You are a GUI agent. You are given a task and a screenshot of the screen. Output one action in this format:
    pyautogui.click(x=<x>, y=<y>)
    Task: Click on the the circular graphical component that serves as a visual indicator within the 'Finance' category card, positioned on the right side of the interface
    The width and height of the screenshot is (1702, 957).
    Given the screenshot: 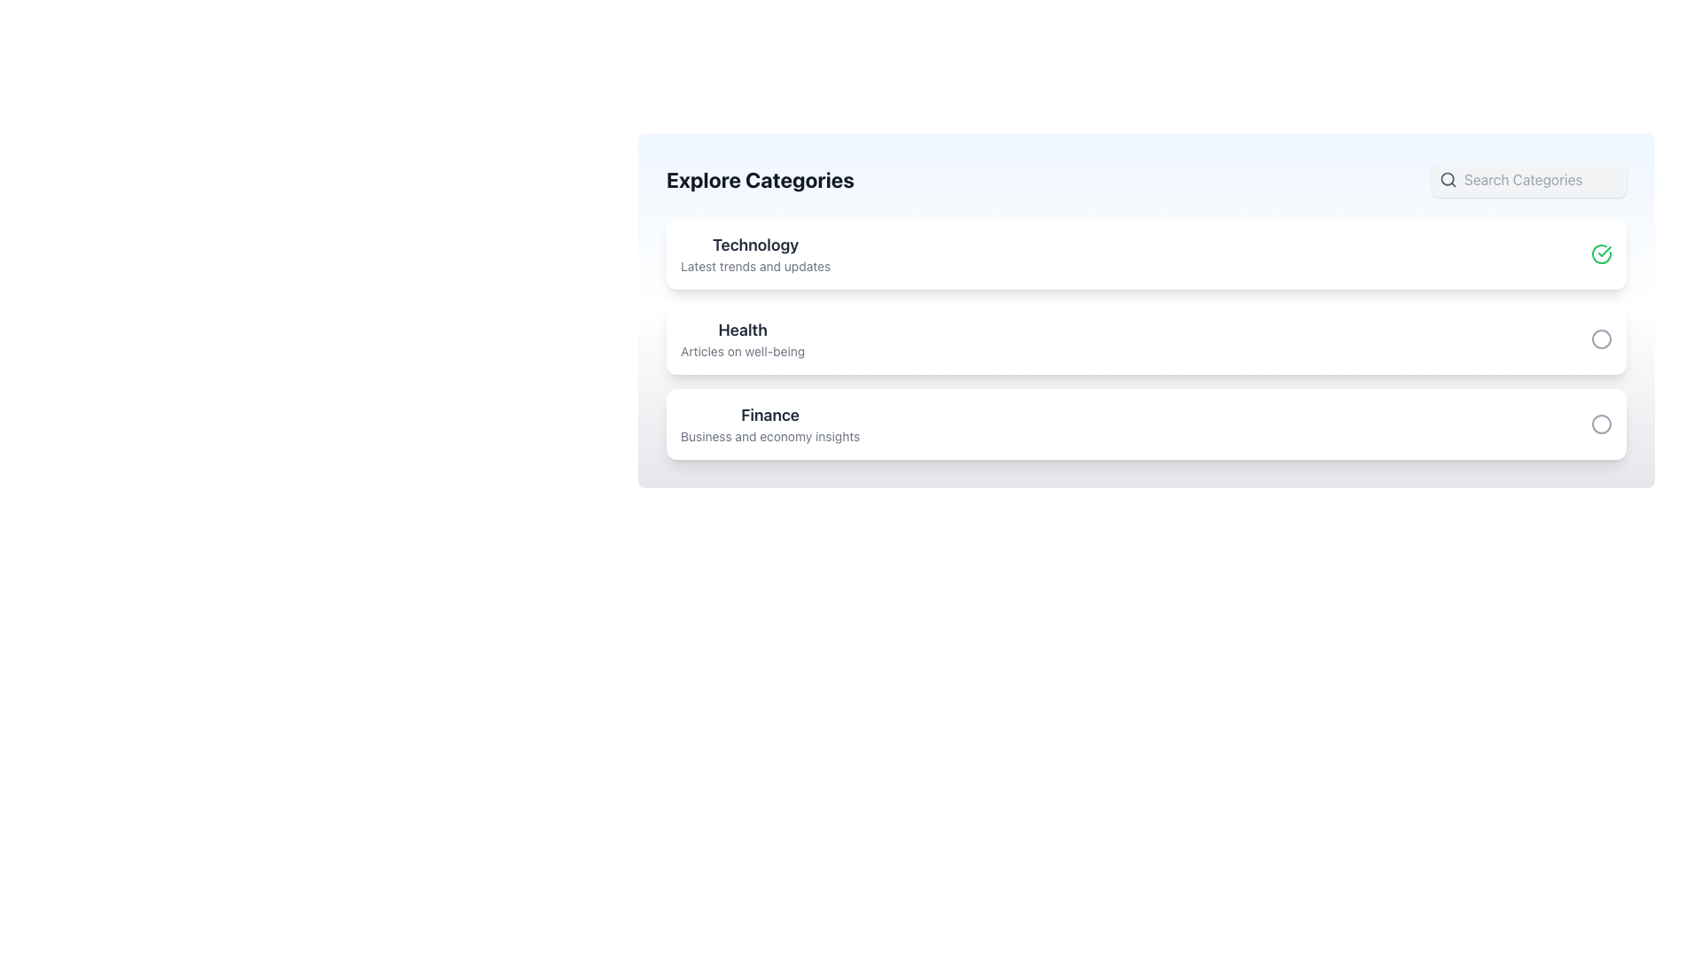 What is the action you would take?
    pyautogui.click(x=1601, y=424)
    